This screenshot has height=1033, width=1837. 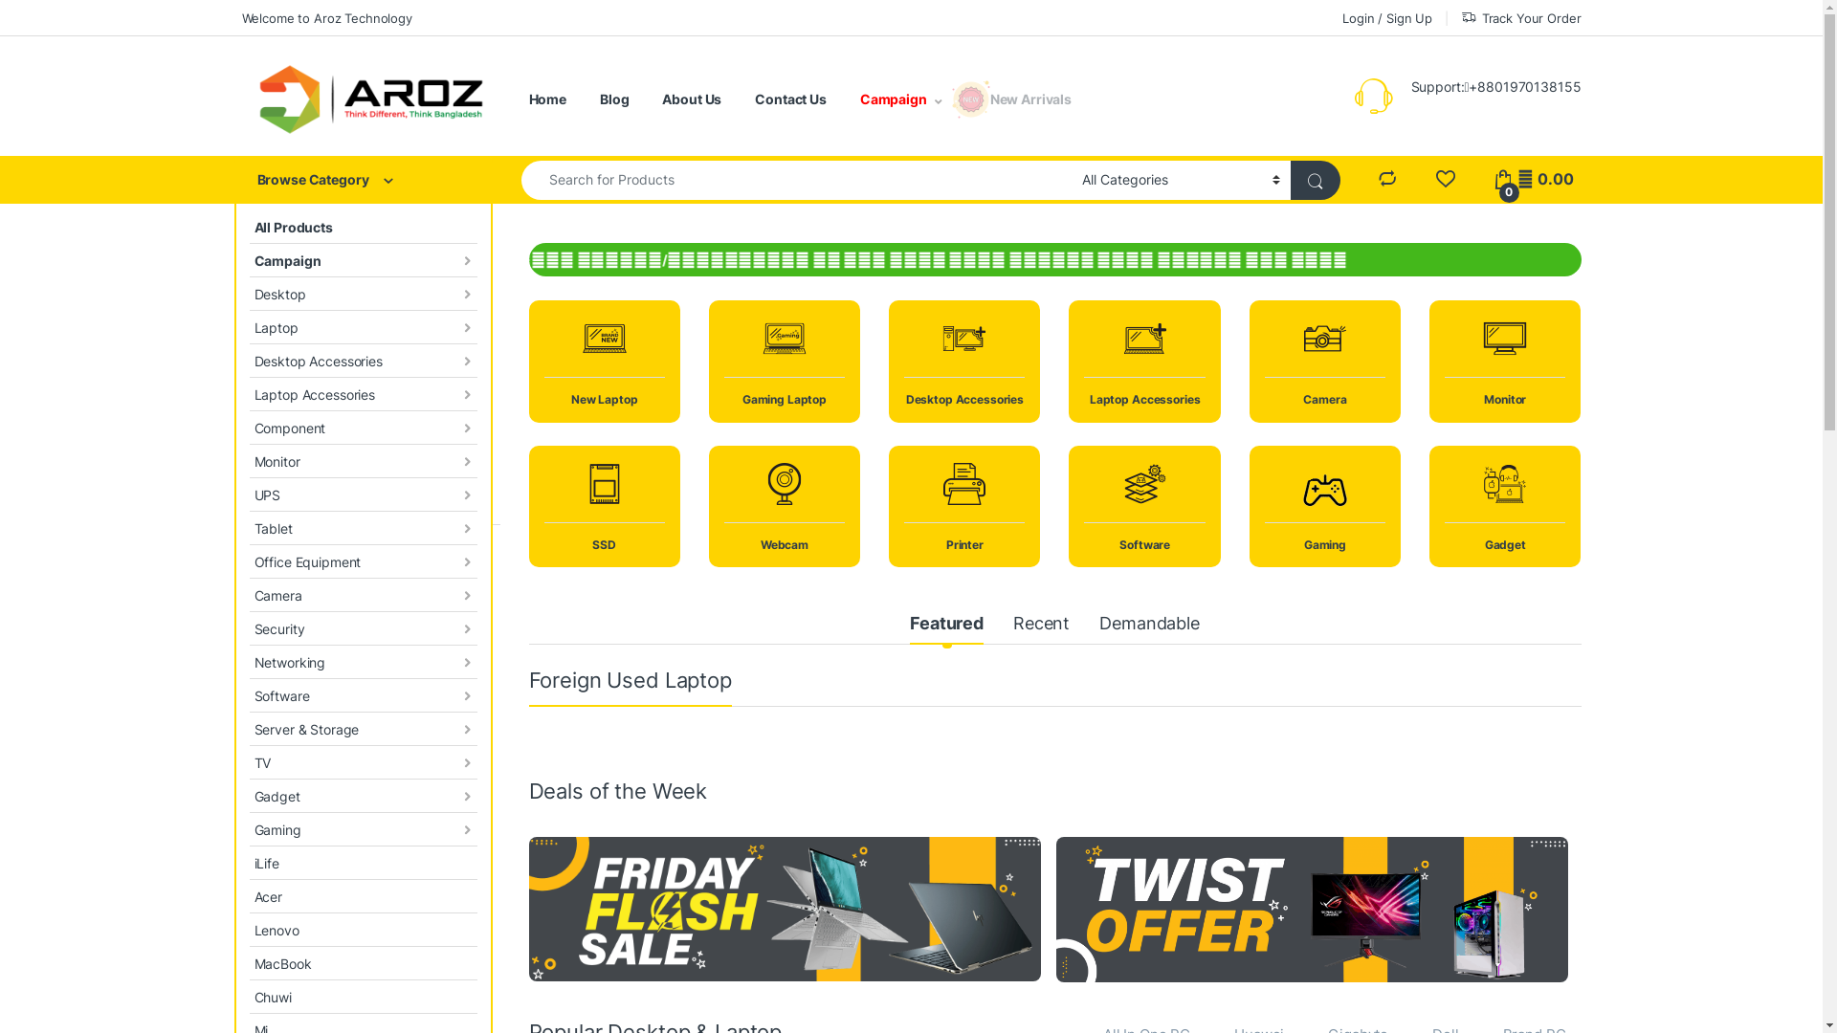 What do you see at coordinates (1386, 17) in the screenshot?
I see `'Login / Sign Up'` at bounding box center [1386, 17].